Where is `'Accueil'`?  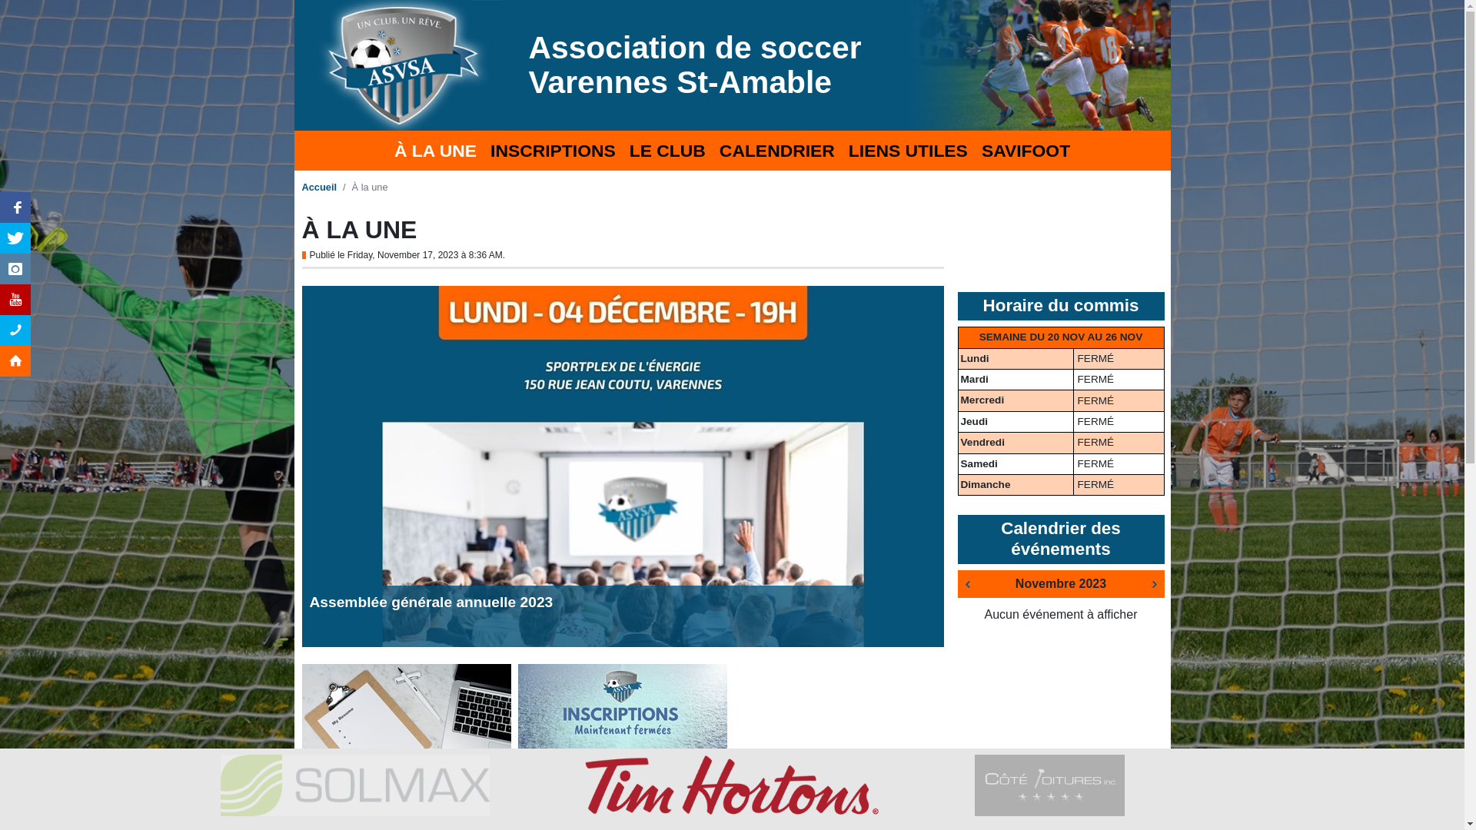
'Accueil' is located at coordinates (317, 186).